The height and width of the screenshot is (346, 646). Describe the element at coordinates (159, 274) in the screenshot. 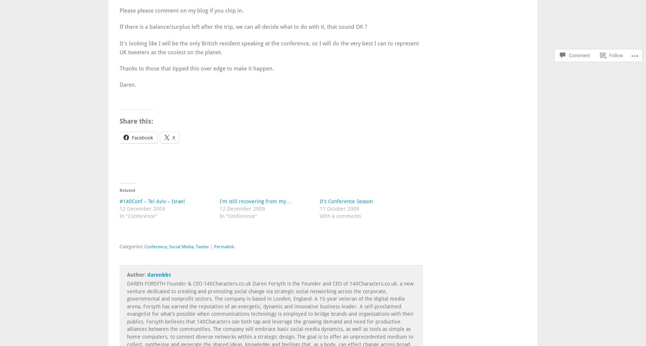

I see `'darenbbc'` at that location.